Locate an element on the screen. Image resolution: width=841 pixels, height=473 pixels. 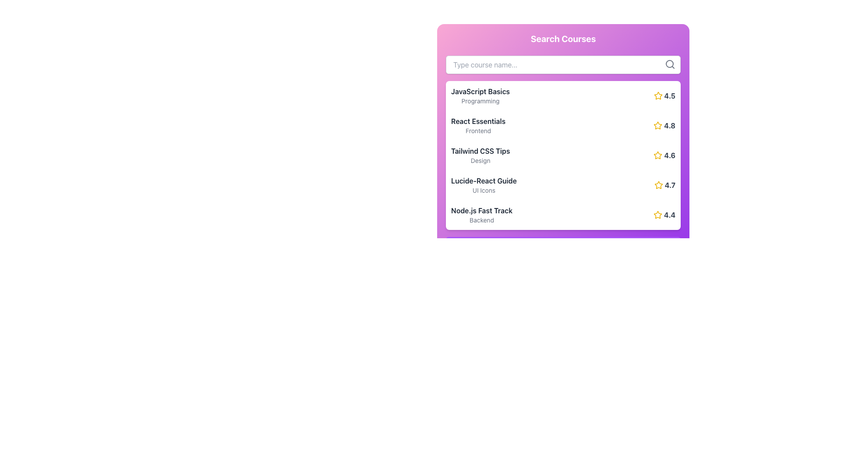
text label displaying 'Tailwind CSS Tips' which is styled in bold dark gray color and is located in the middle-left section of the UI card under the heading 'Search Courses' is located at coordinates (480, 150).